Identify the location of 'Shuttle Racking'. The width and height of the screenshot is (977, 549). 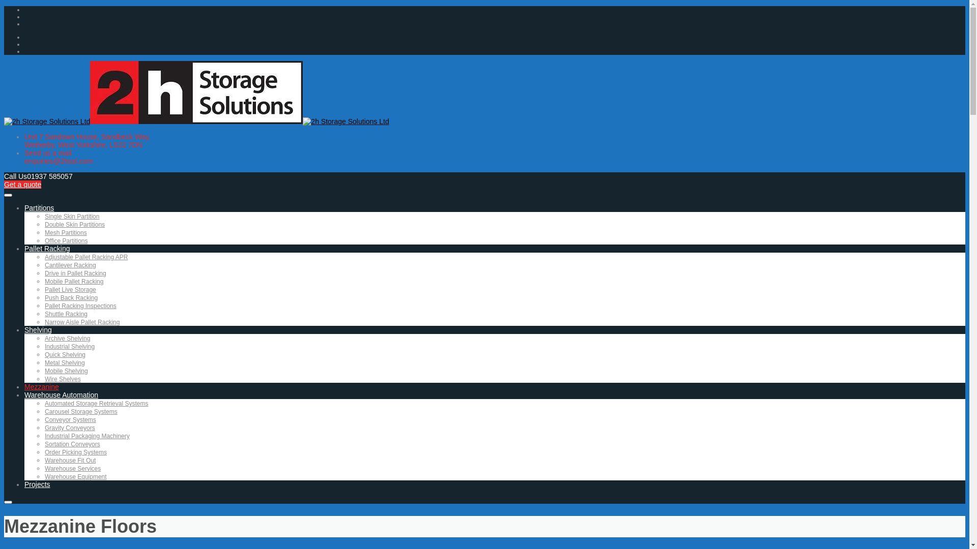
(65, 313).